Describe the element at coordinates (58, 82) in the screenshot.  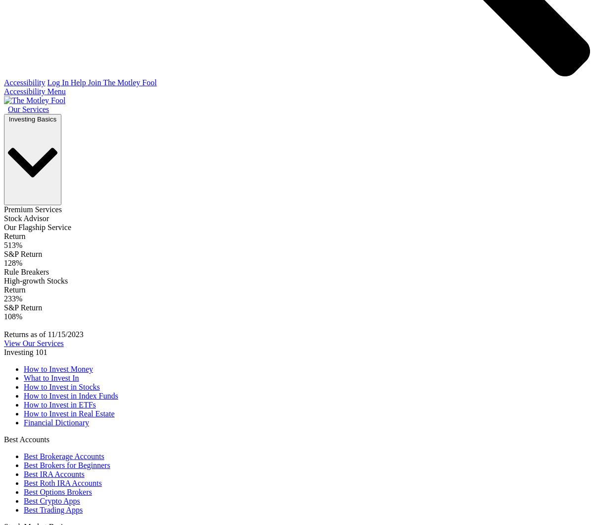
I see `'Log In'` at that location.